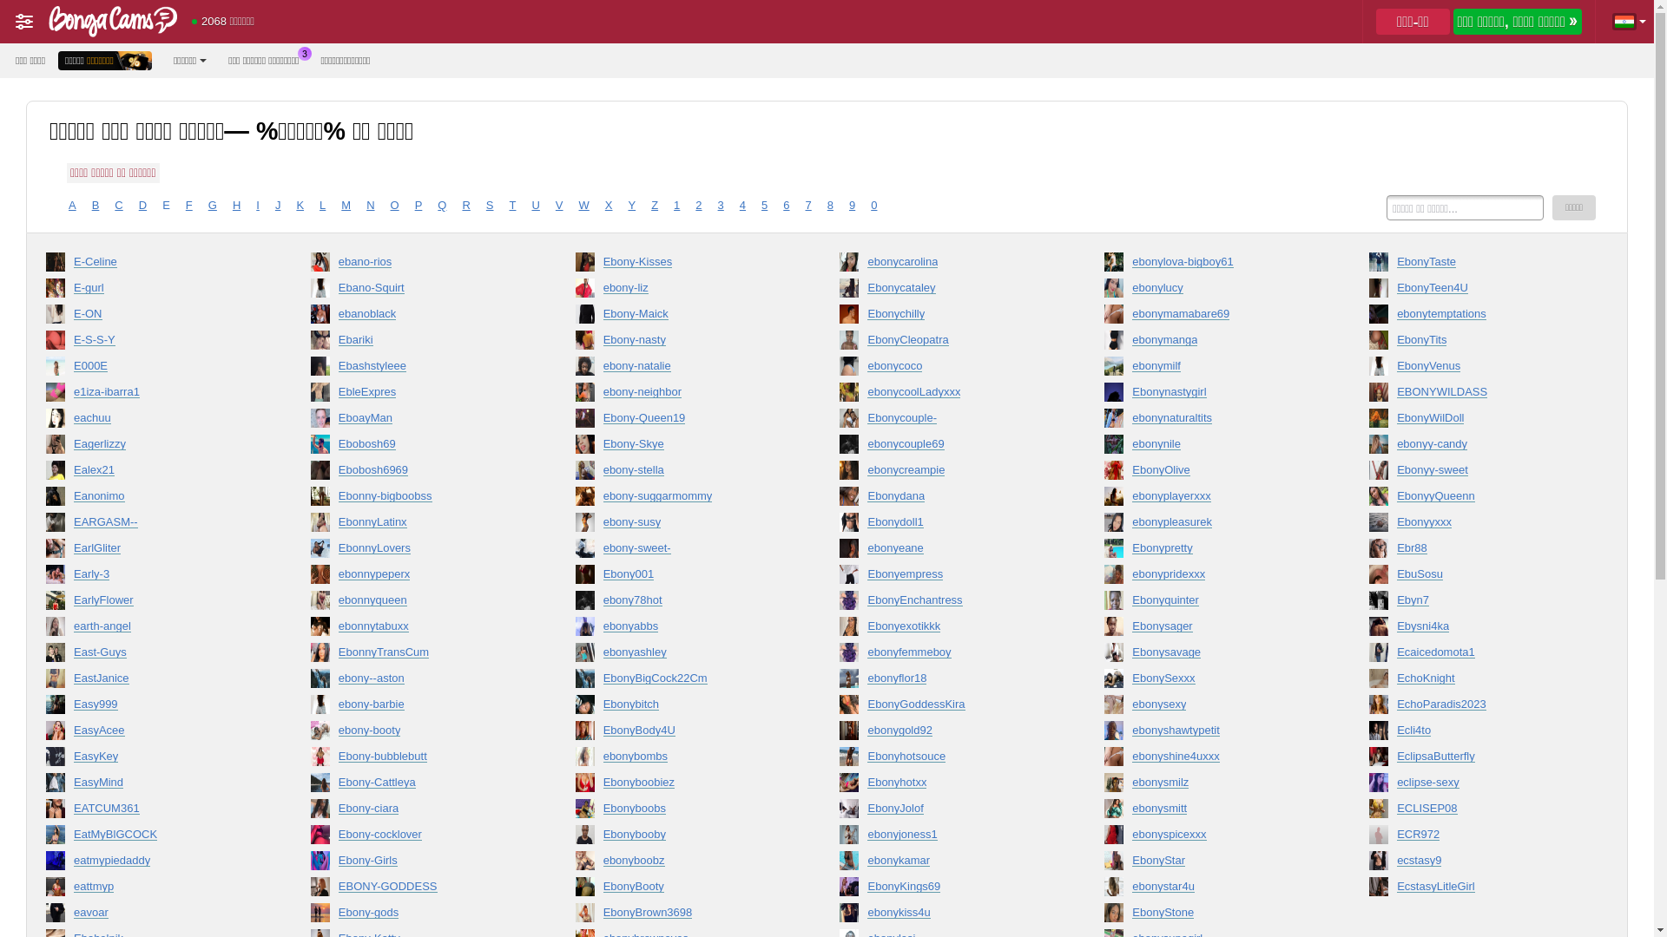 This screenshot has width=1667, height=937. What do you see at coordinates (627, 204) in the screenshot?
I see `'Y'` at bounding box center [627, 204].